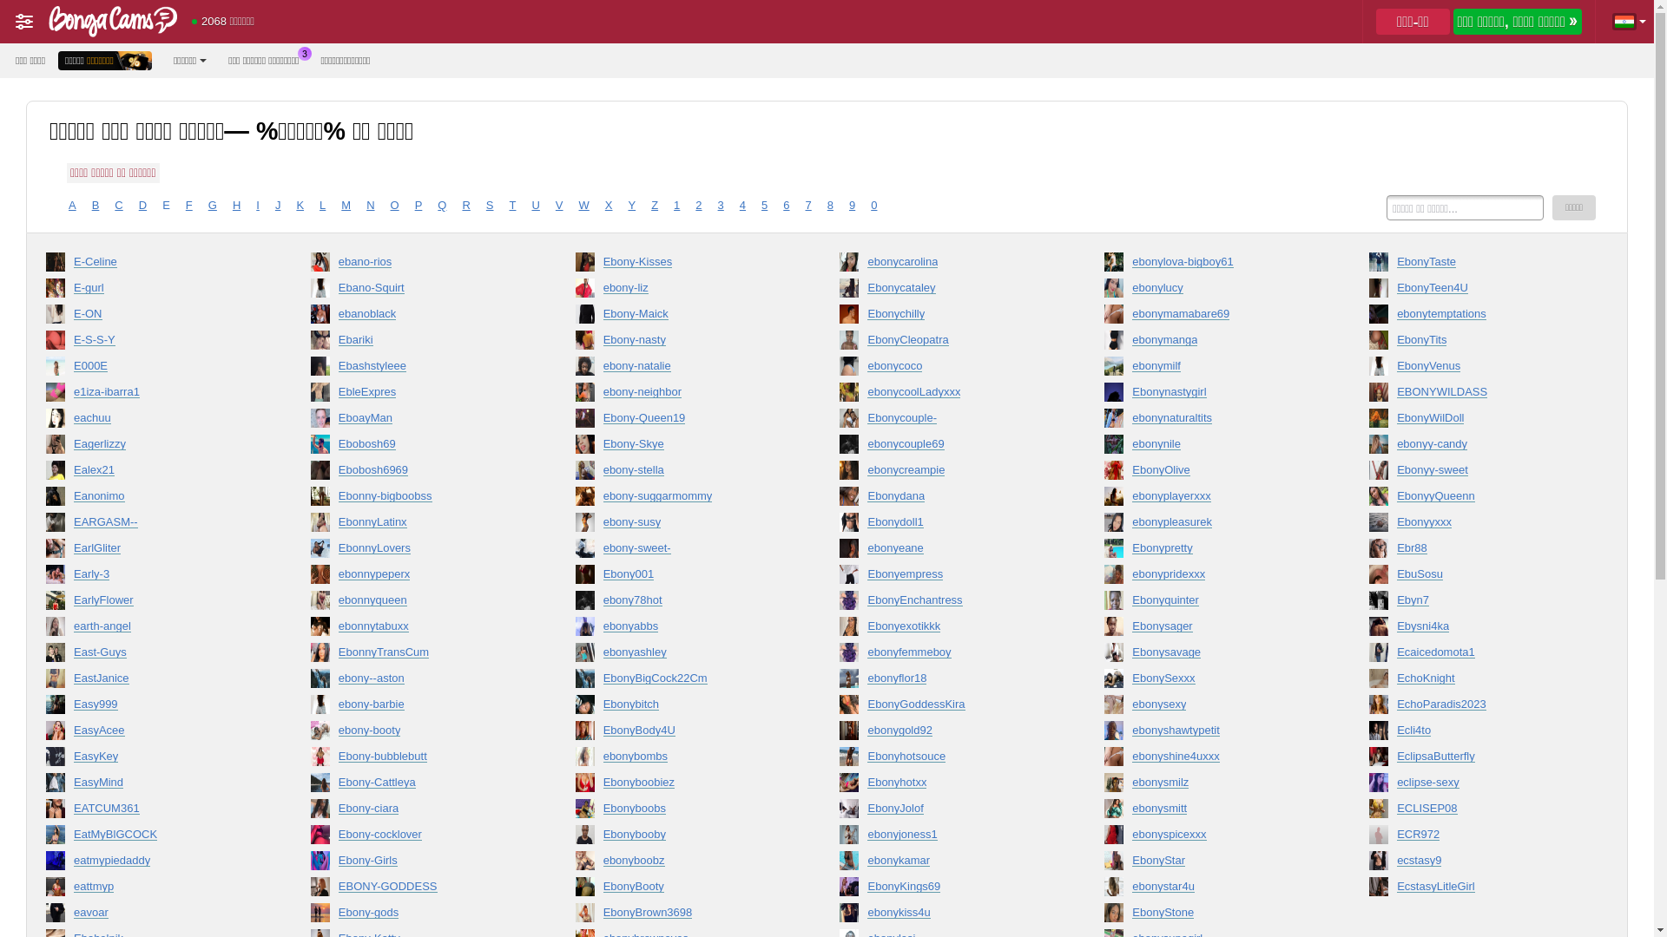 This screenshot has width=1667, height=937. What do you see at coordinates (627, 204) in the screenshot?
I see `'Y'` at bounding box center [627, 204].